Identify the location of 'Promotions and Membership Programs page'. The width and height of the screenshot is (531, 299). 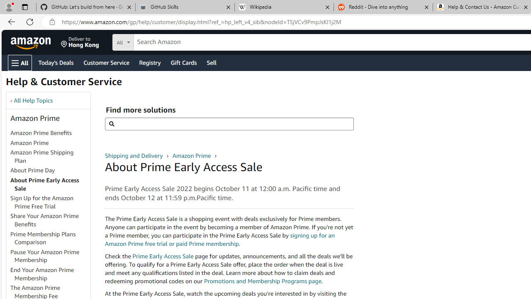
(262, 280).